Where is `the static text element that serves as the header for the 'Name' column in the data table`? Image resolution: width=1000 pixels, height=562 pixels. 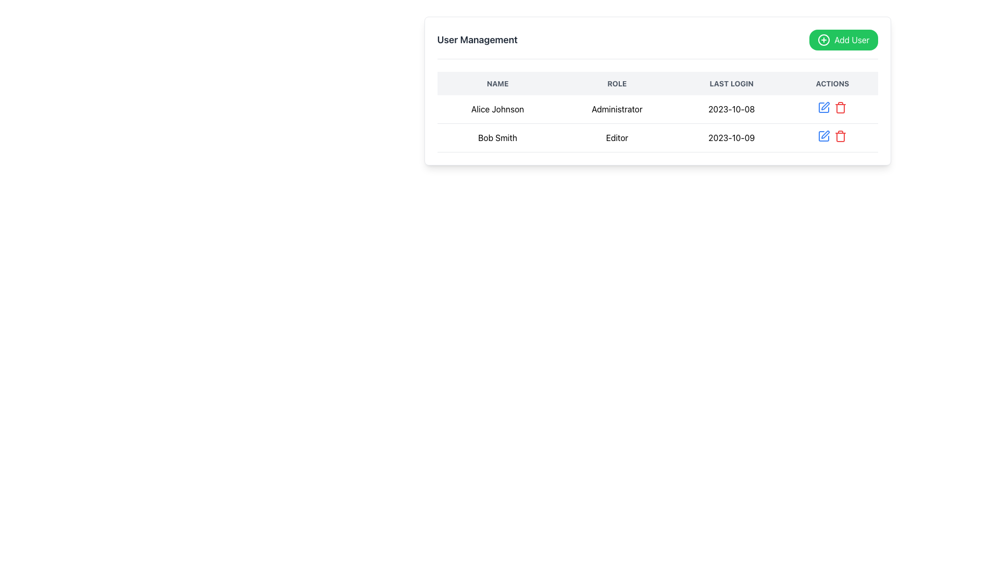 the static text element that serves as the header for the 'Name' column in the data table is located at coordinates (497, 83).